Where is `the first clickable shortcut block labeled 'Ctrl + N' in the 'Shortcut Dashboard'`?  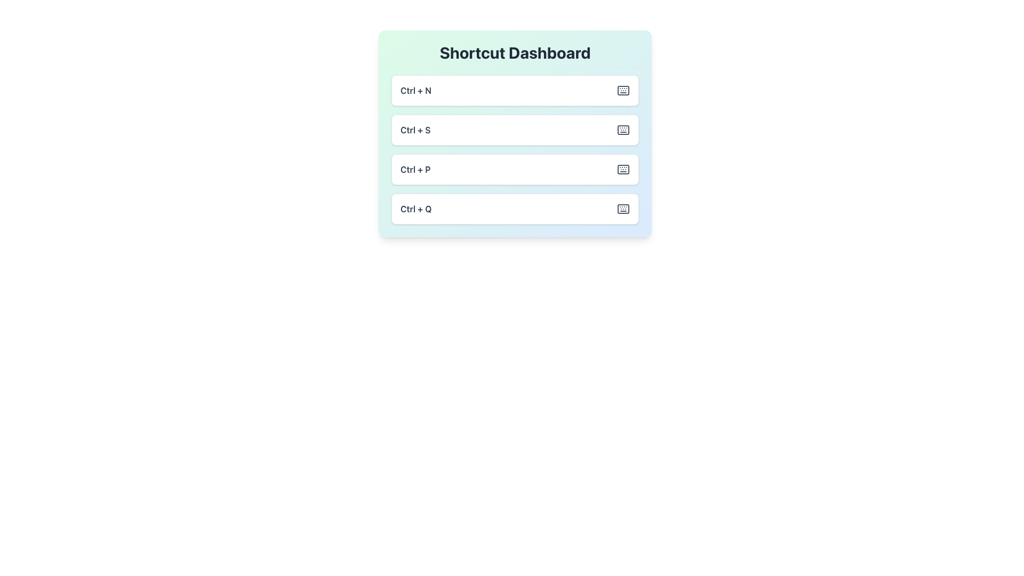
the first clickable shortcut block labeled 'Ctrl + N' in the 'Shortcut Dashboard' is located at coordinates (515, 90).